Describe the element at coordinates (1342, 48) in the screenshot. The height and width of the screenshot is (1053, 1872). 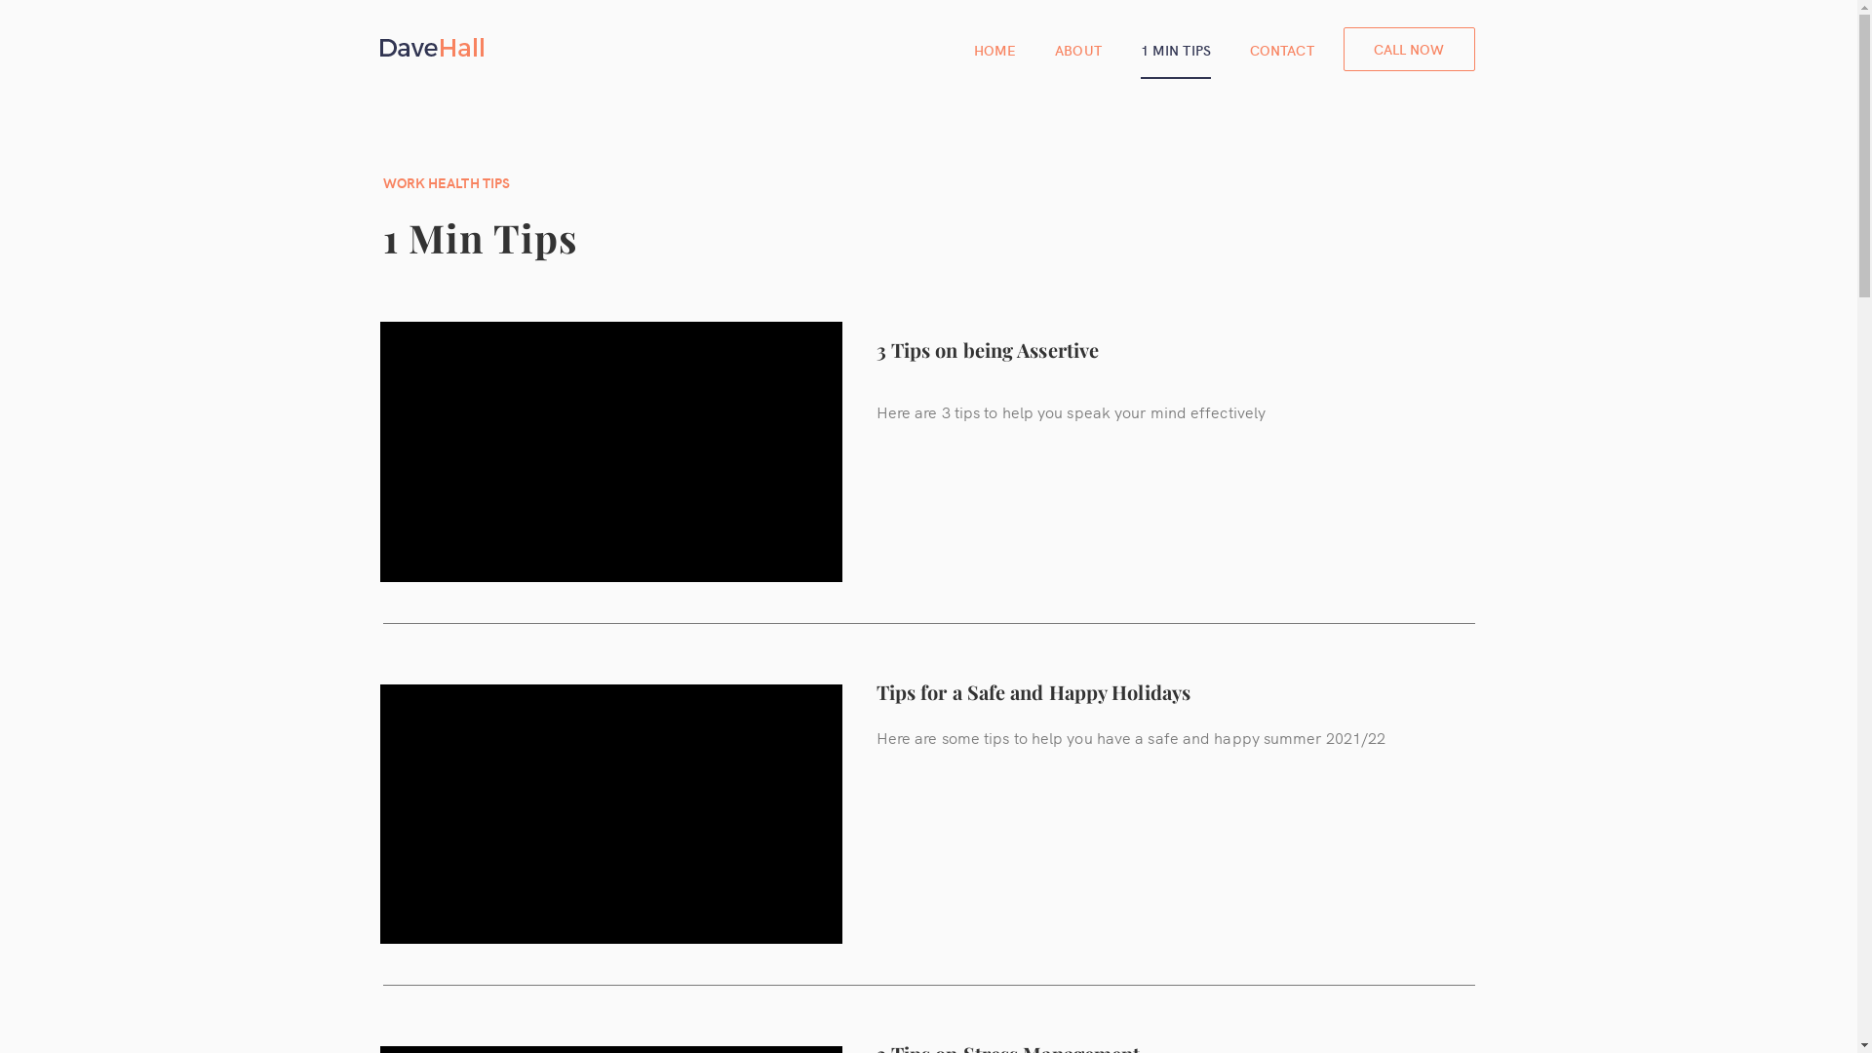
I see `'CALL NOW'` at that location.